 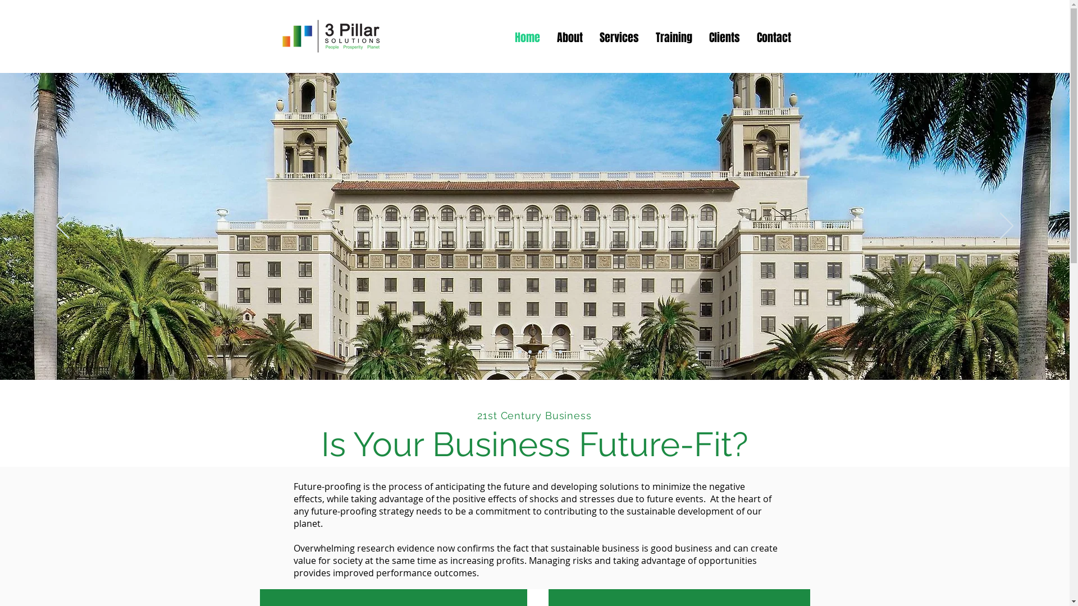 What do you see at coordinates (569, 35) in the screenshot?
I see `'About'` at bounding box center [569, 35].